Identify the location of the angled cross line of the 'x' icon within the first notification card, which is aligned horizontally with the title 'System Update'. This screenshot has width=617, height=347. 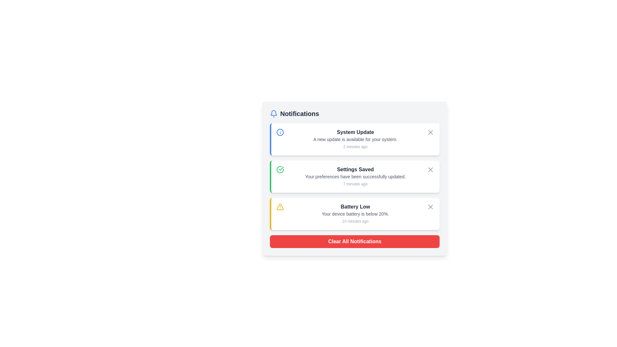
(430, 132).